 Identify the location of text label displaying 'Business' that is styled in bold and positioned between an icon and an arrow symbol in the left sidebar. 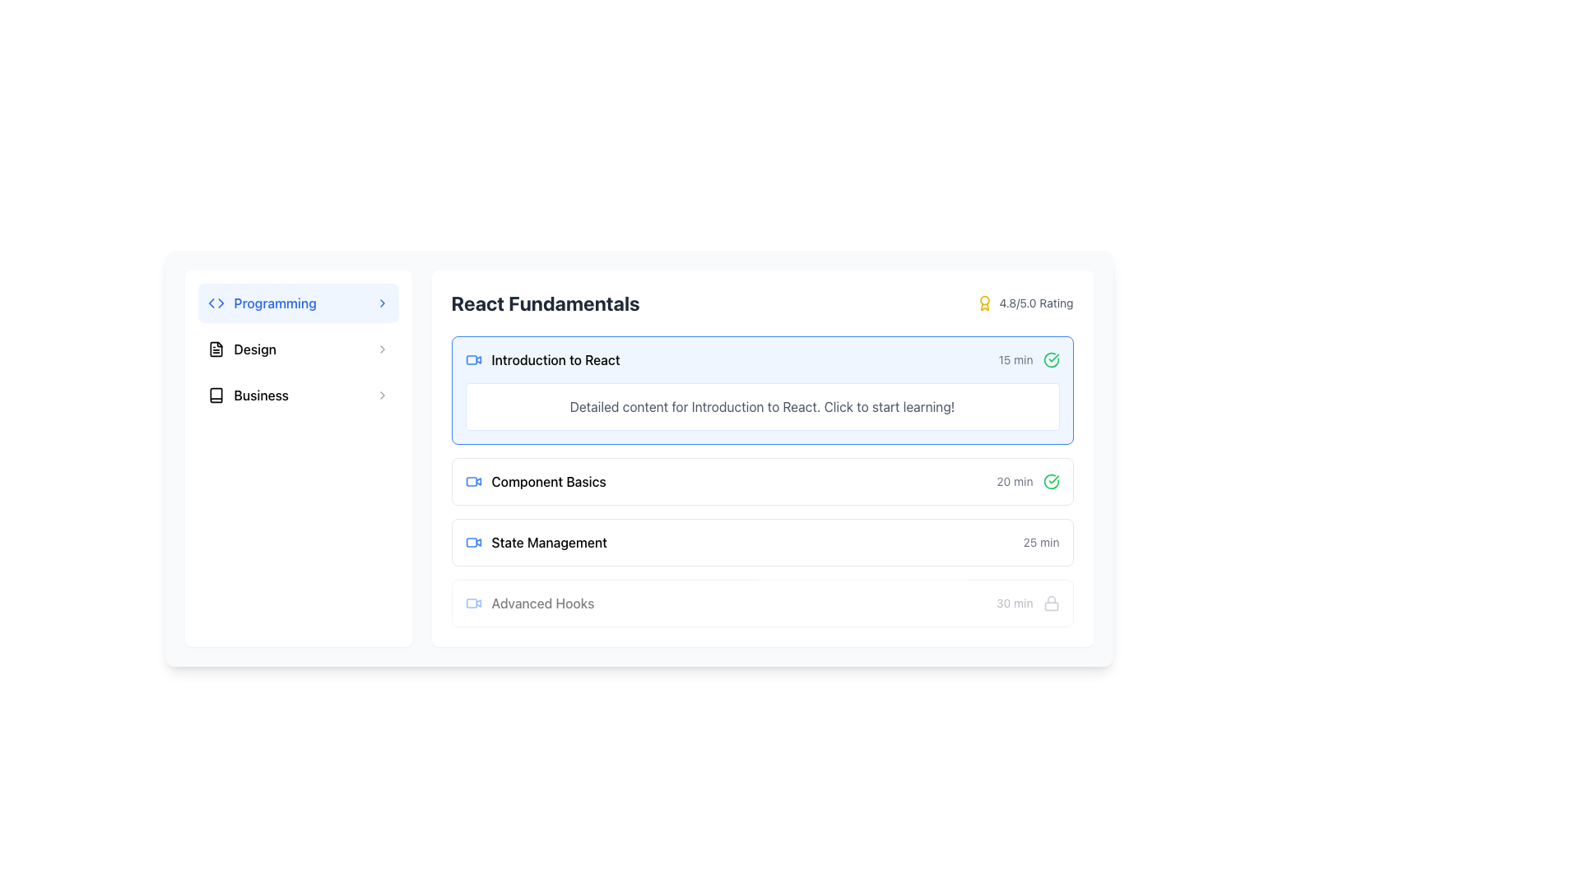
(260, 395).